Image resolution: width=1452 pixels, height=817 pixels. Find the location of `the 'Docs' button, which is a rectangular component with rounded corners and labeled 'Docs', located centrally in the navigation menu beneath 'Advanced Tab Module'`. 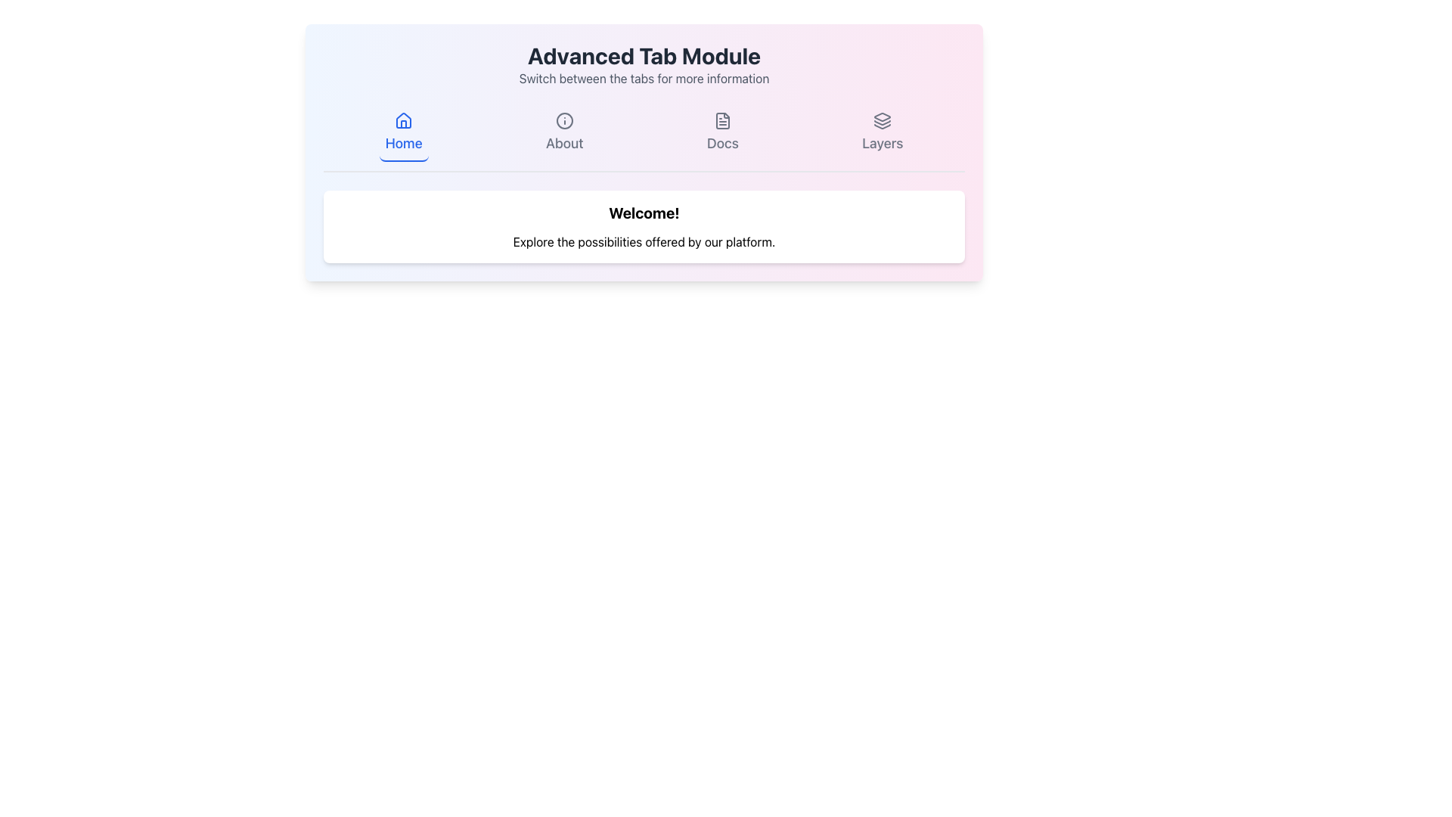

the 'Docs' button, which is a rectangular component with rounded corners and labeled 'Docs', located centrally in the navigation menu beneath 'Advanced Tab Module' is located at coordinates (721, 133).